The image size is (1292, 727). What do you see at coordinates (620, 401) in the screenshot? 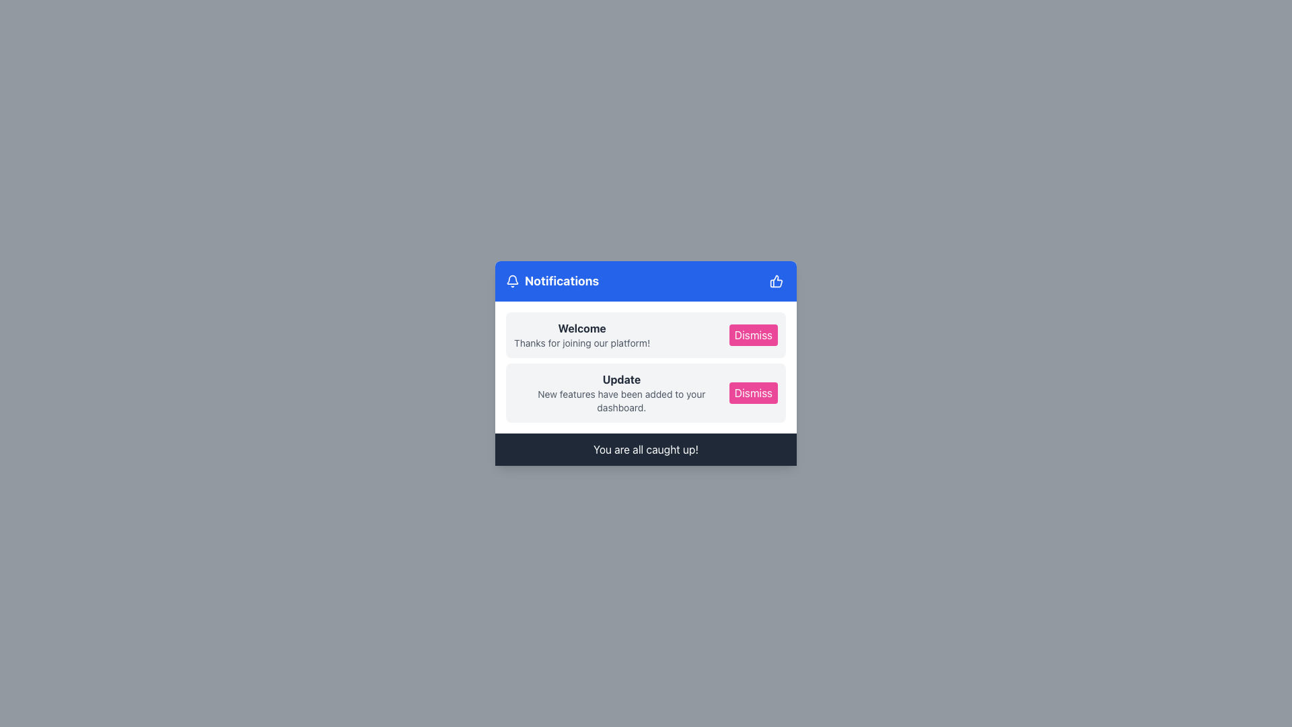
I see `the static text that reads 'New features have been added to your dashboard.' located under the bold 'Update' text in the 'Notifications' section of the modal dialog box` at bounding box center [620, 401].